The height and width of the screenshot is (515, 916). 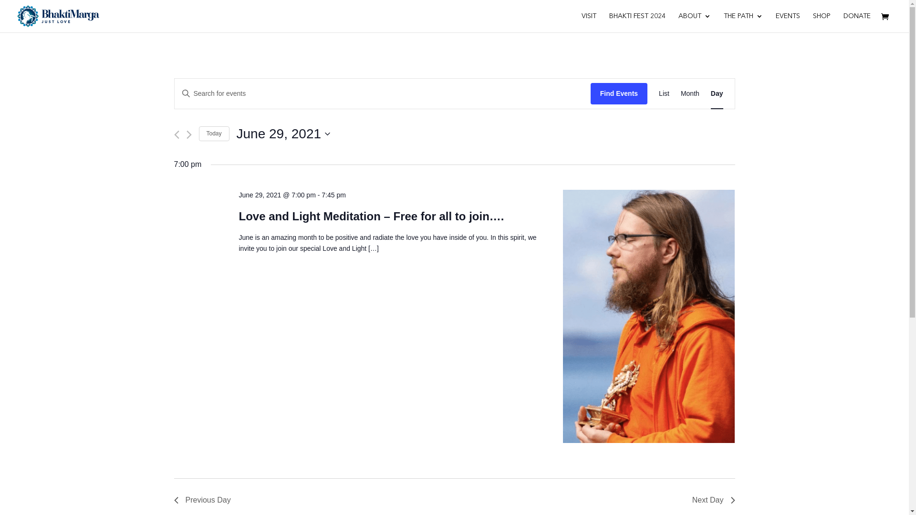 What do you see at coordinates (283, 134) in the screenshot?
I see `'June 29, 2021'` at bounding box center [283, 134].